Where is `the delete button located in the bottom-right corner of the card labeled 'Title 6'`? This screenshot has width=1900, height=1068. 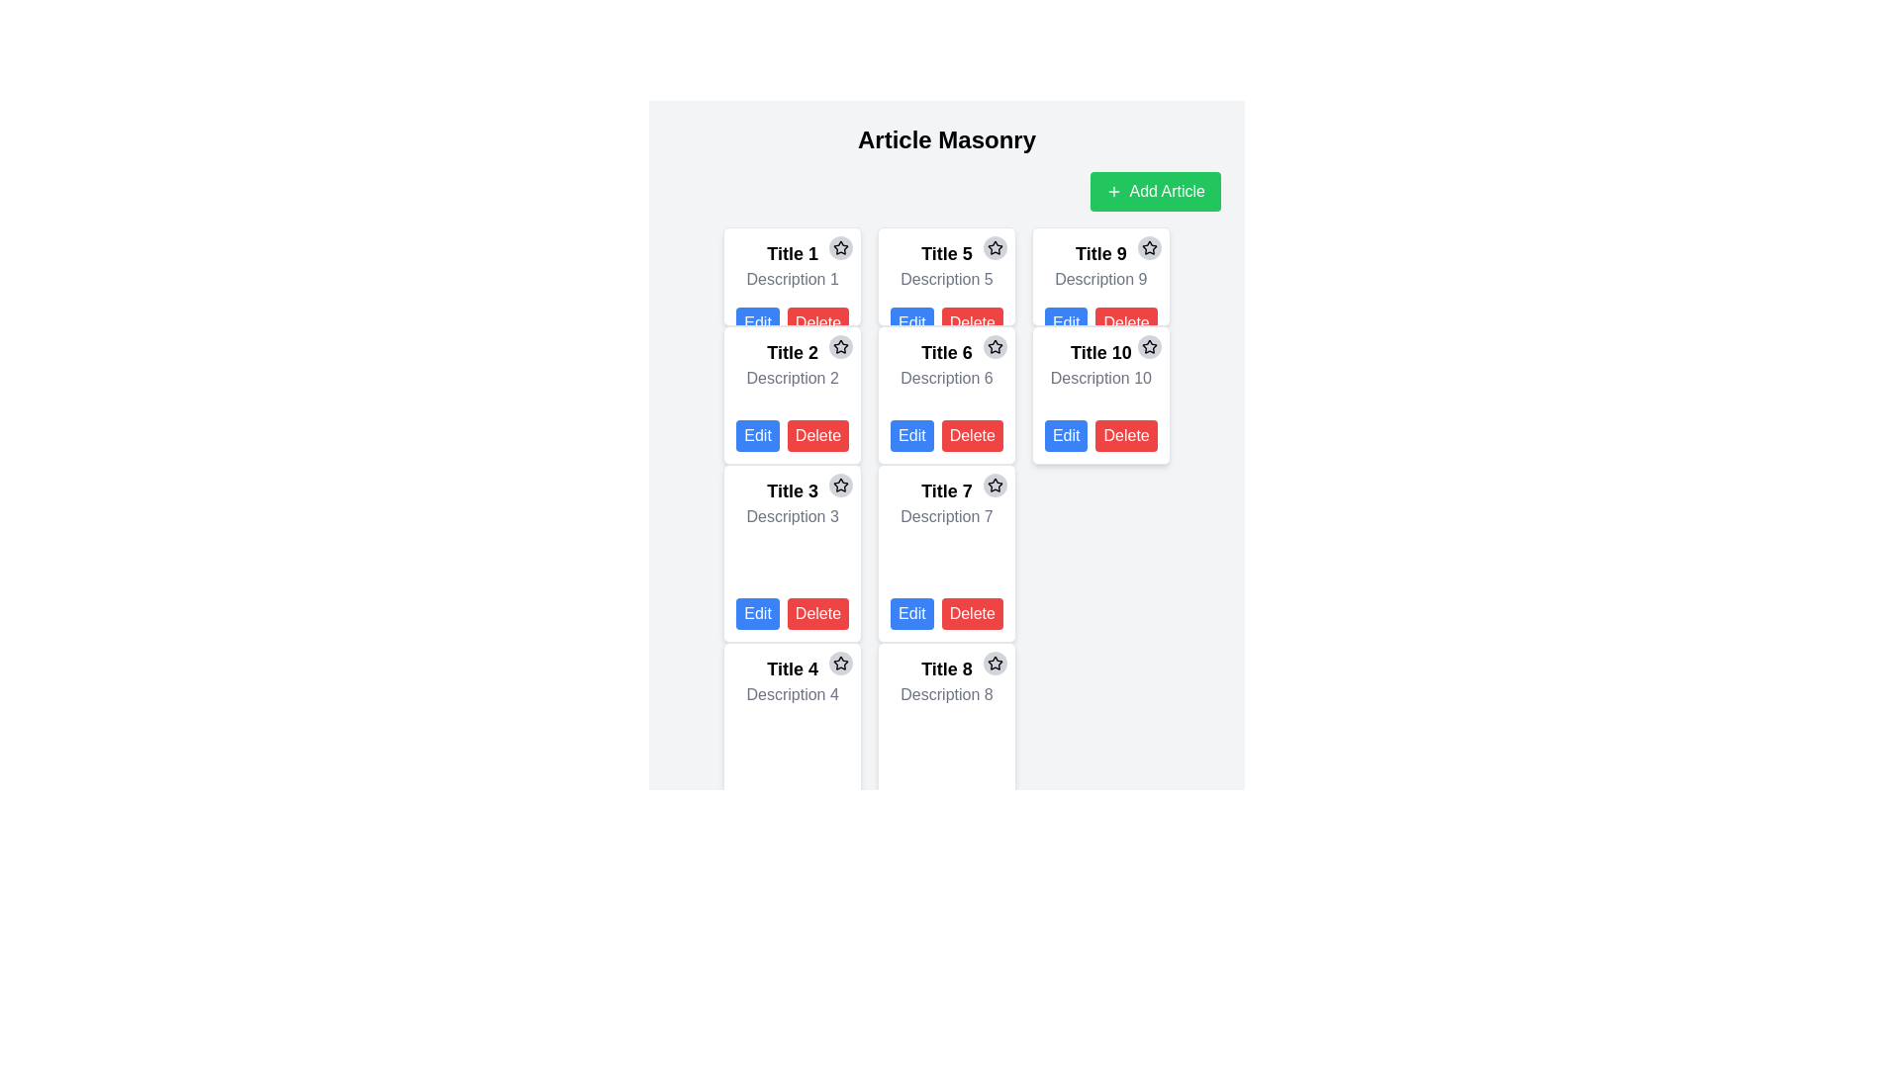
the delete button located in the bottom-right corner of the card labeled 'Title 6' is located at coordinates (972, 434).